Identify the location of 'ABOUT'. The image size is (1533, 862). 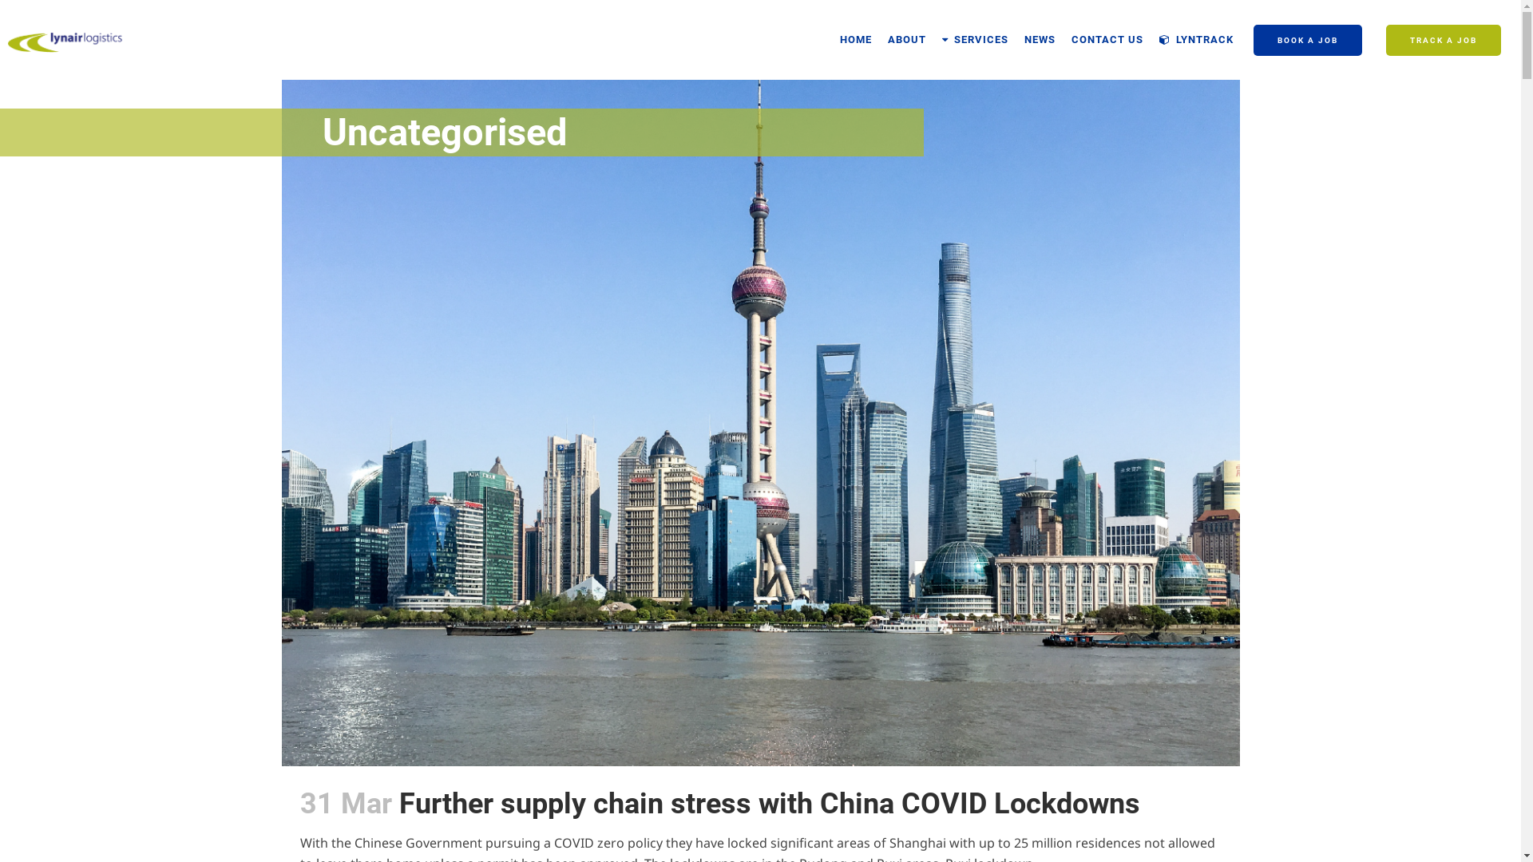
(907, 39).